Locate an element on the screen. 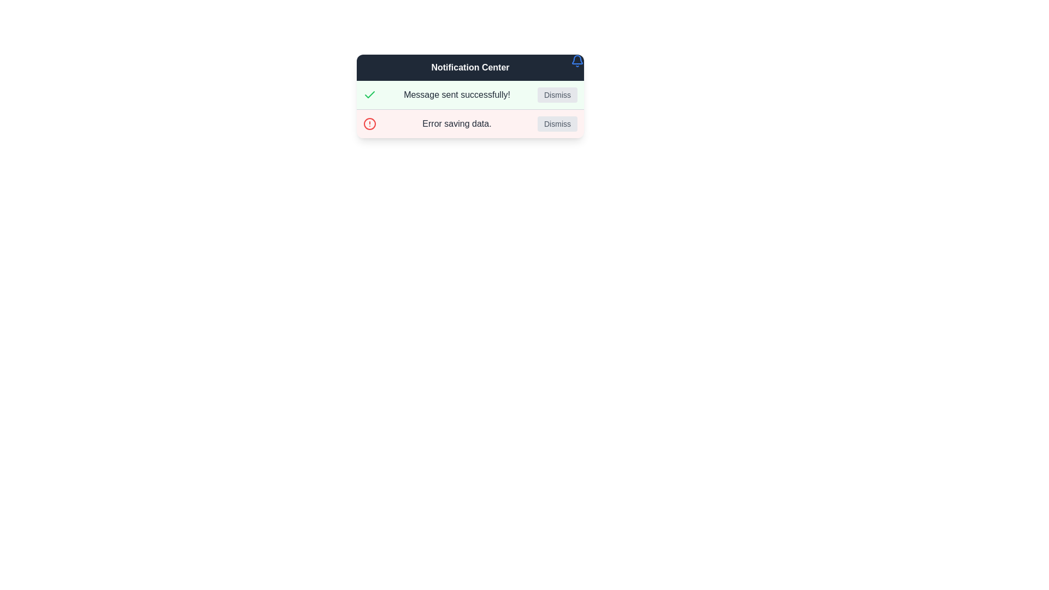 This screenshot has height=590, width=1049. the 'Error saving data.' text label within the notification card, which is styled in bold dark gray on a light background and located between a red warning icon and a 'Dismiss' button is located at coordinates (457, 123).